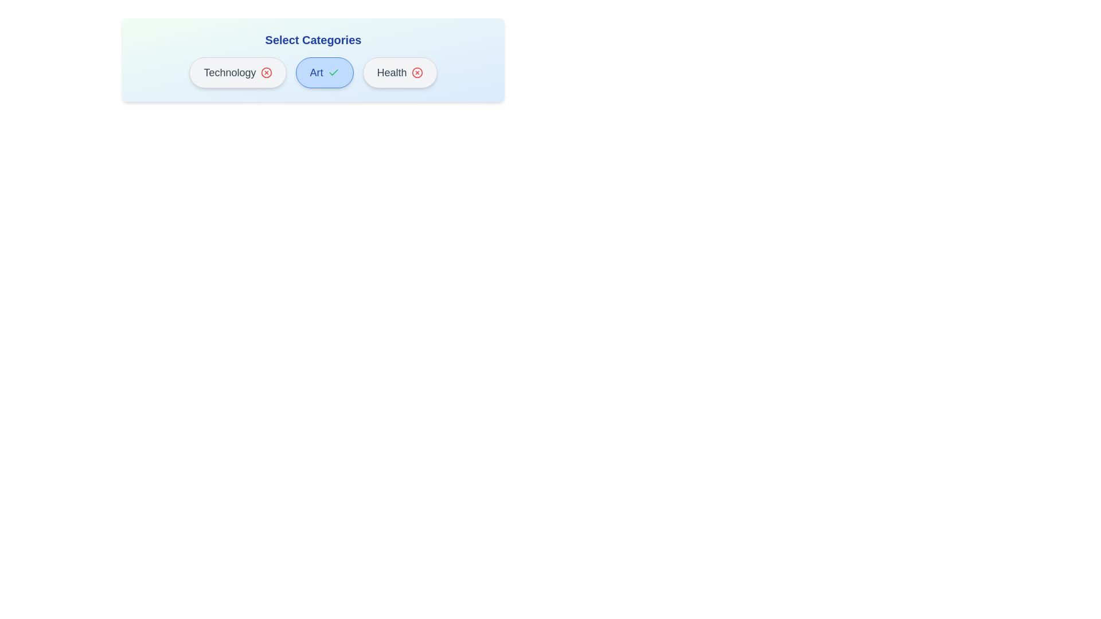  Describe the element at coordinates (333, 73) in the screenshot. I see `the icon of the Art category button` at that location.